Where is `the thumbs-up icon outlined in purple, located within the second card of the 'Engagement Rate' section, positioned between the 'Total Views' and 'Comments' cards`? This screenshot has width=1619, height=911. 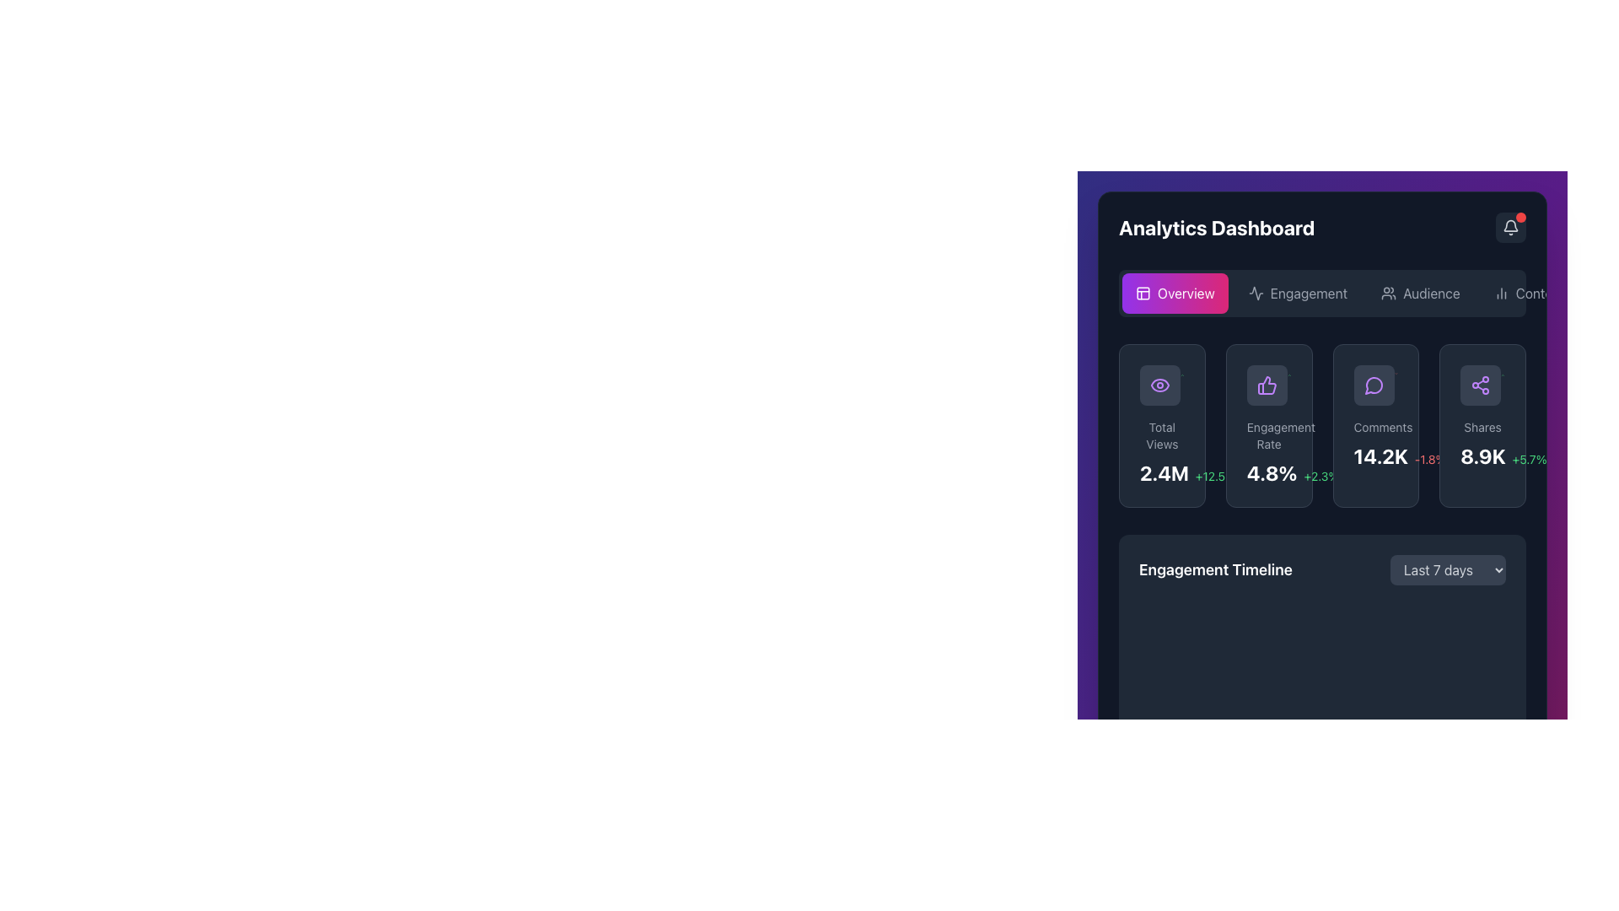 the thumbs-up icon outlined in purple, located within the second card of the 'Engagement Rate' section, positioned between the 'Total Views' and 'Comments' cards is located at coordinates (1267, 385).